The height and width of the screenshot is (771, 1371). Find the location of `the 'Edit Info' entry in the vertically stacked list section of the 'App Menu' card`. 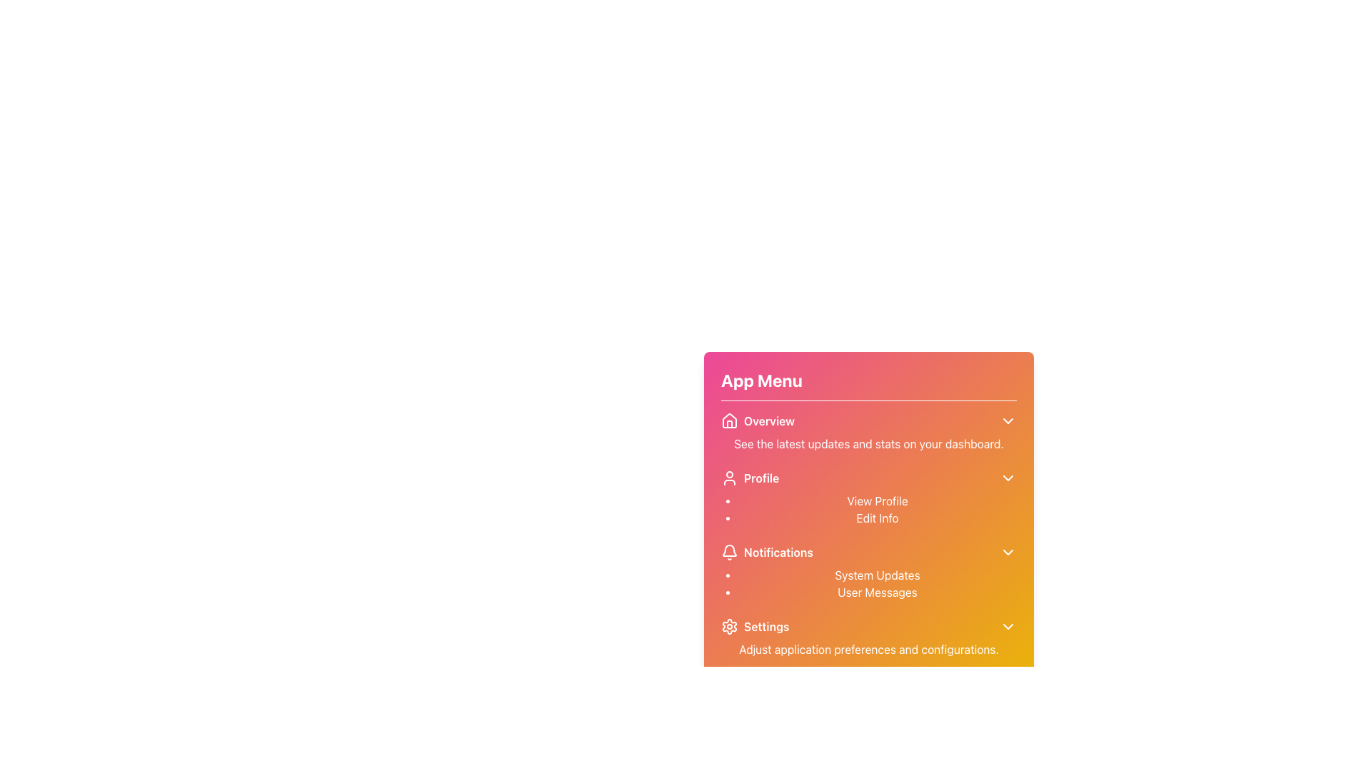

the 'Edit Info' entry in the vertically stacked list section of the 'App Menu' card is located at coordinates (868, 529).